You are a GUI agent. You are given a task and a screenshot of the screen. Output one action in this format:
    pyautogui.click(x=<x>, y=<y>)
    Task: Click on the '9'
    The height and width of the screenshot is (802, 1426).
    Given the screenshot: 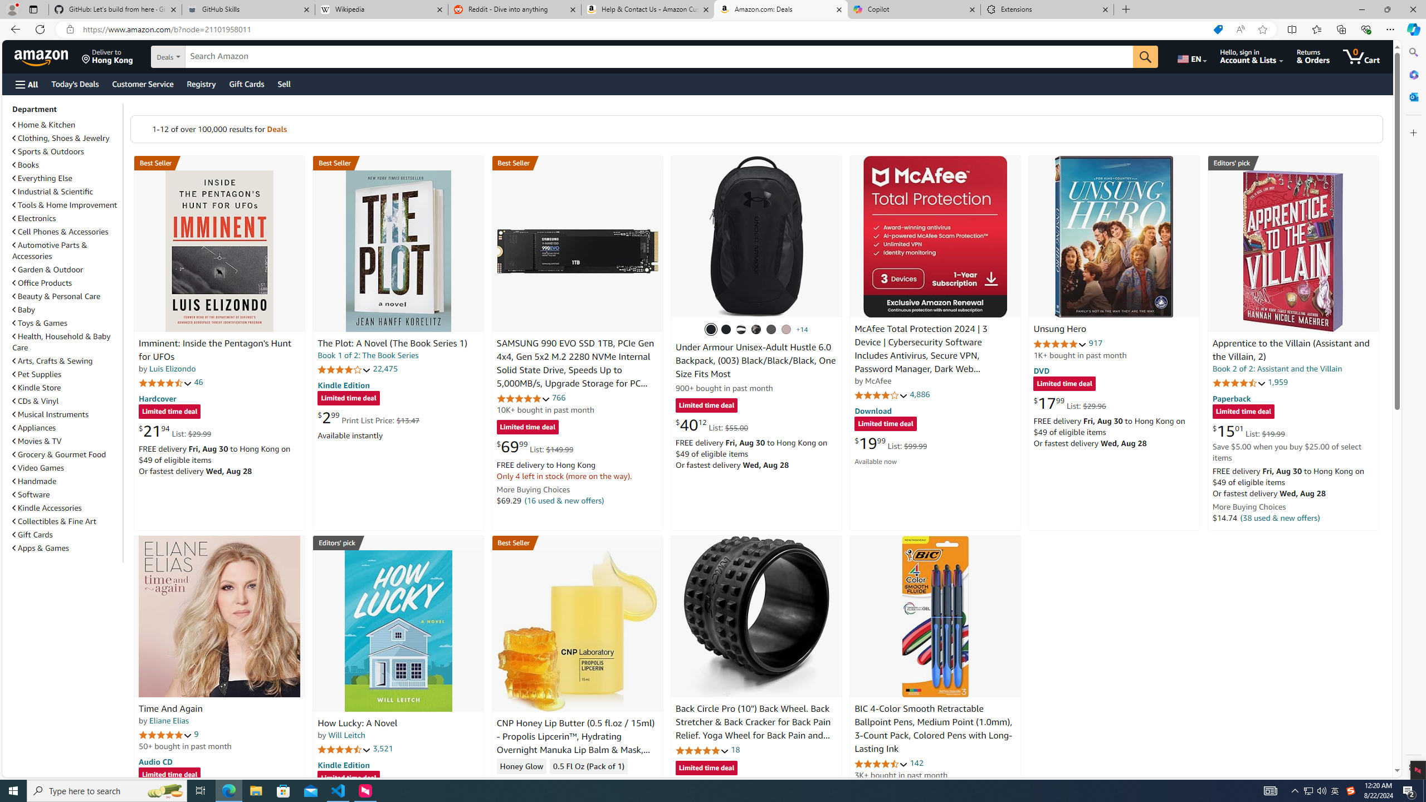 What is the action you would take?
    pyautogui.click(x=196, y=733)
    